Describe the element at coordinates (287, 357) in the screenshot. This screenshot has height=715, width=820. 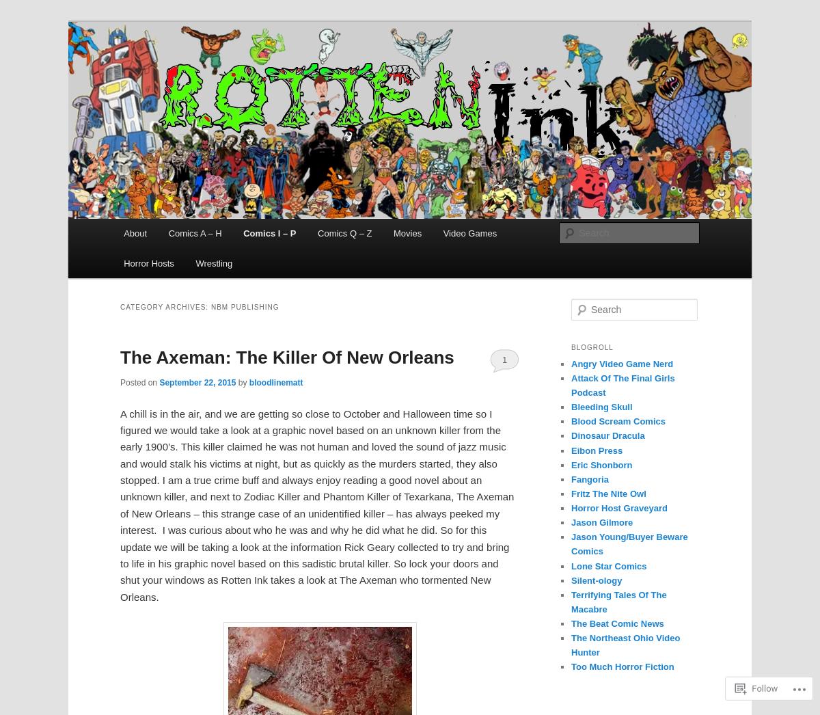
I see `'The Axeman: The Killer Of New Orleans'` at that location.